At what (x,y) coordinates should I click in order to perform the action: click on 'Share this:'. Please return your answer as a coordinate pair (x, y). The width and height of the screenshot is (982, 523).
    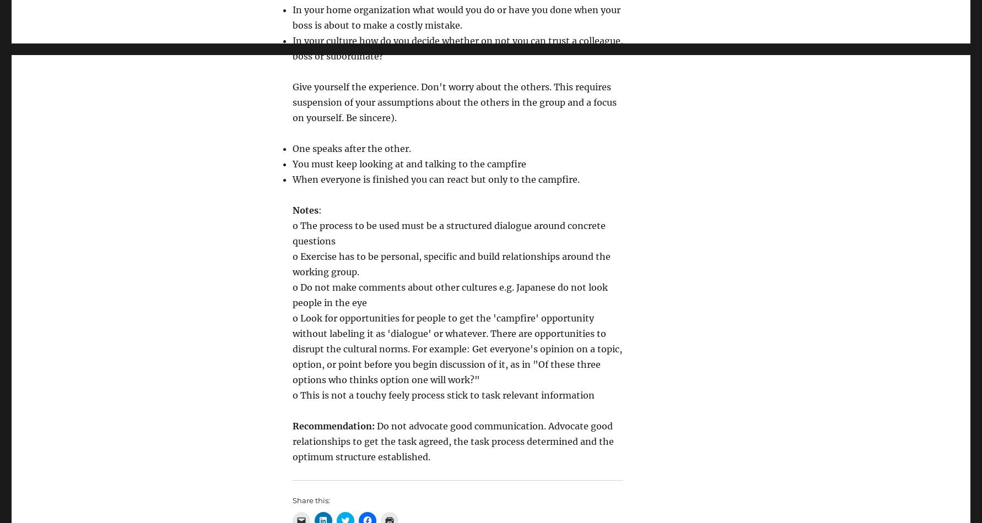
    Looking at the image, I should click on (292, 499).